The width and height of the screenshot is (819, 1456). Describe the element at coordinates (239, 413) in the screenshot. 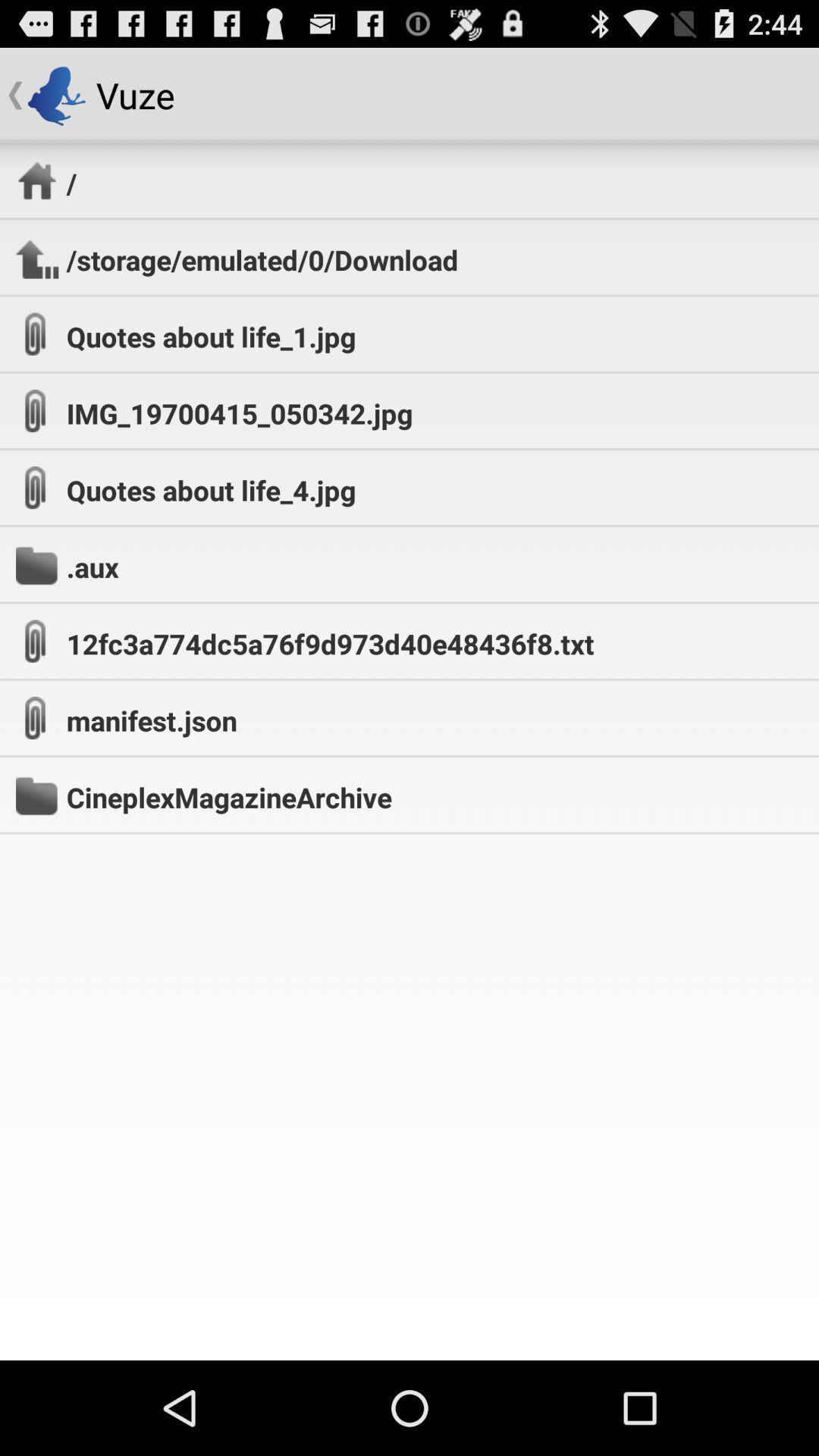

I see `the img_19700415_050342.jpg item` at that location.